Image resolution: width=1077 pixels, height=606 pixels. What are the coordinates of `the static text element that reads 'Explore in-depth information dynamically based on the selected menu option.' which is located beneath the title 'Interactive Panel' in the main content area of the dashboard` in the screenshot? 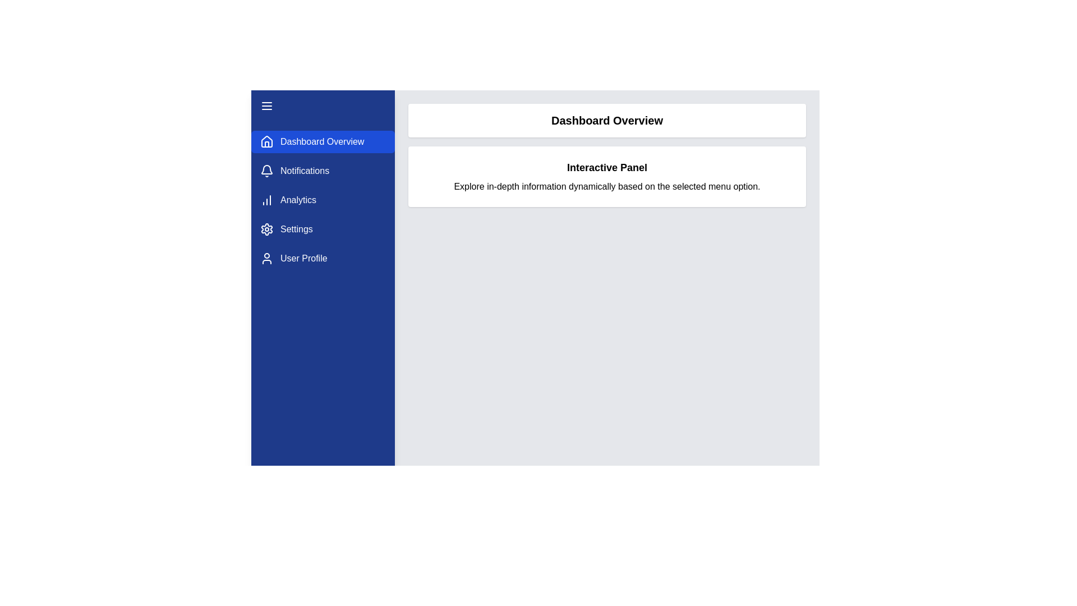 It's located at (606, 186).